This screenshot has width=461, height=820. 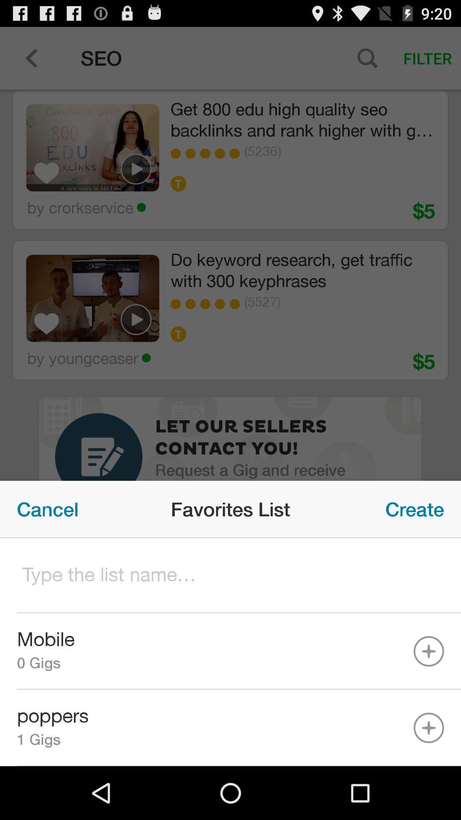 I want to click on icon to the right of favorites list item, so click(x=414, y=509).